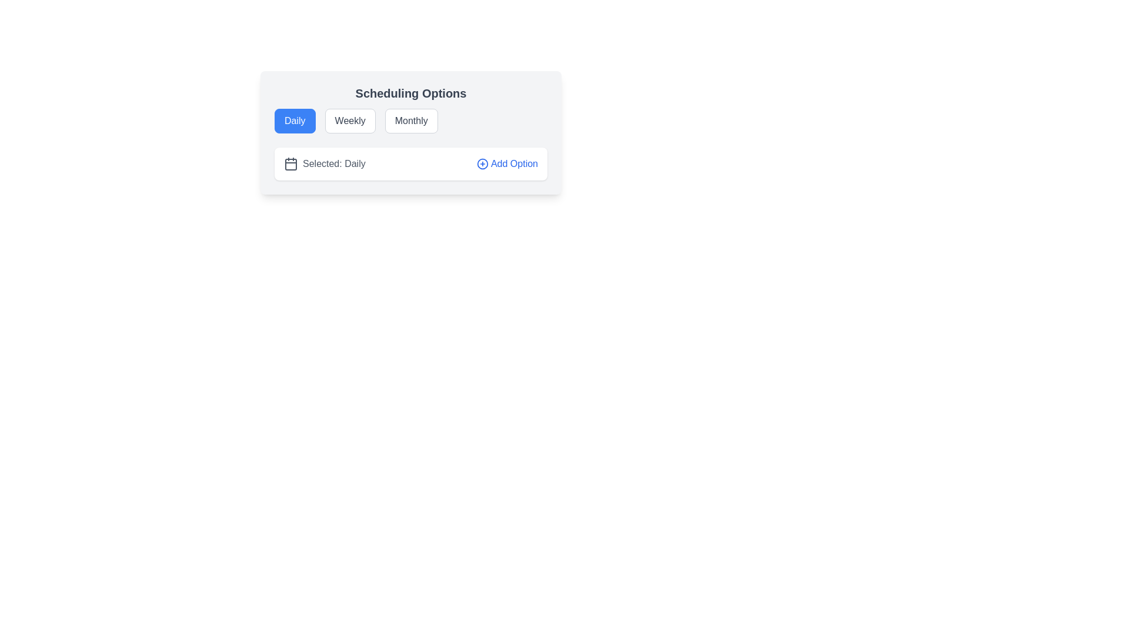 This screenshot has width=1129, height=635. Describe the element at coordinates (295, 121) in the screenshot. I see `the 'Daily' button, which has a blue background and white text` at that location.